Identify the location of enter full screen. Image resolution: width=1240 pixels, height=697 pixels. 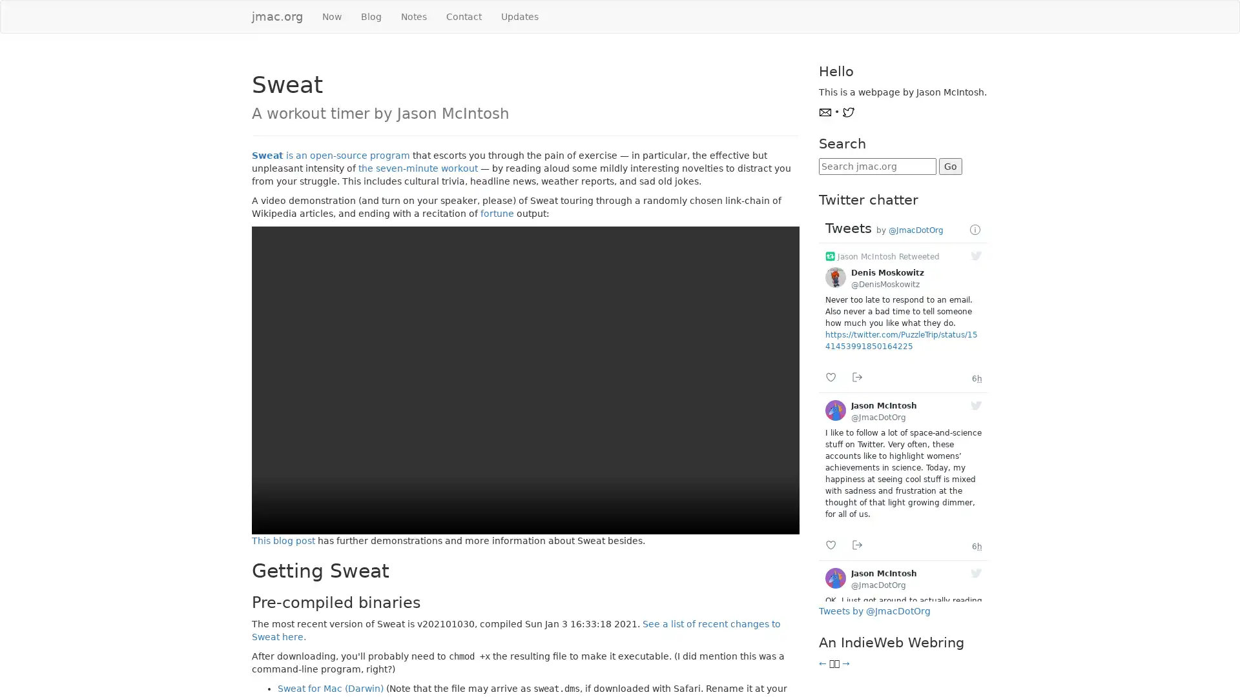
(752, 502).